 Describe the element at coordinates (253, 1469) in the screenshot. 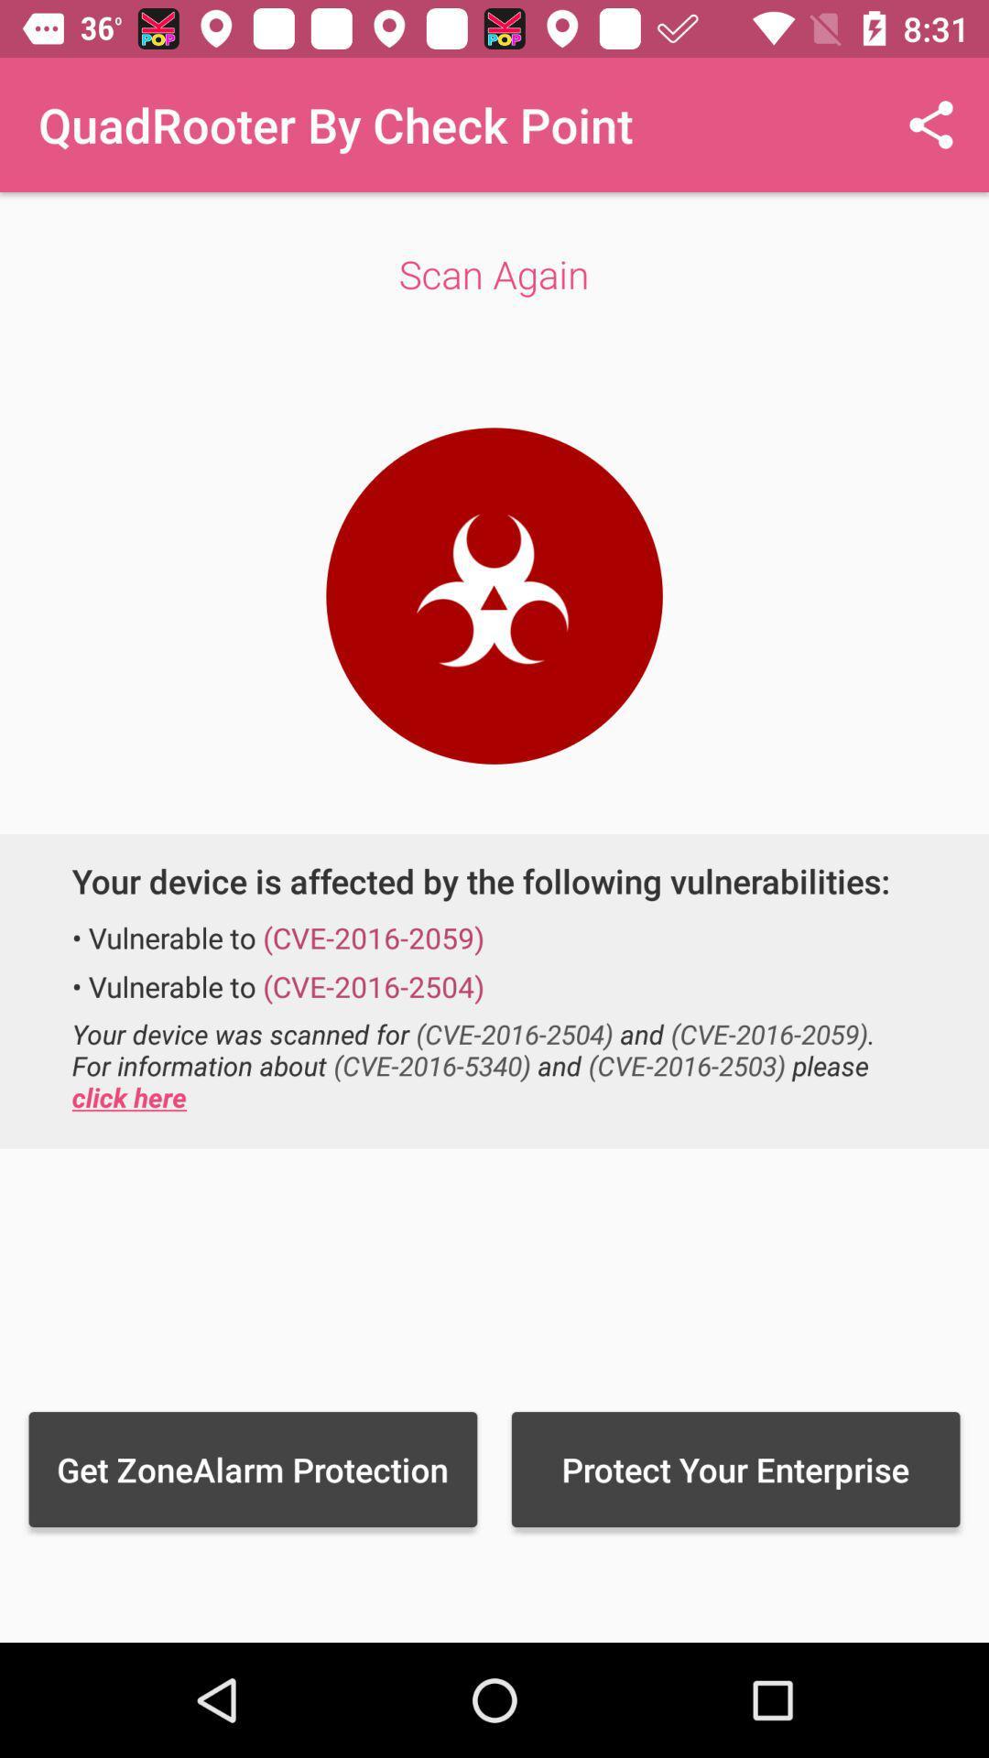

I see `the item next to the protect your enterprise item` at that location.